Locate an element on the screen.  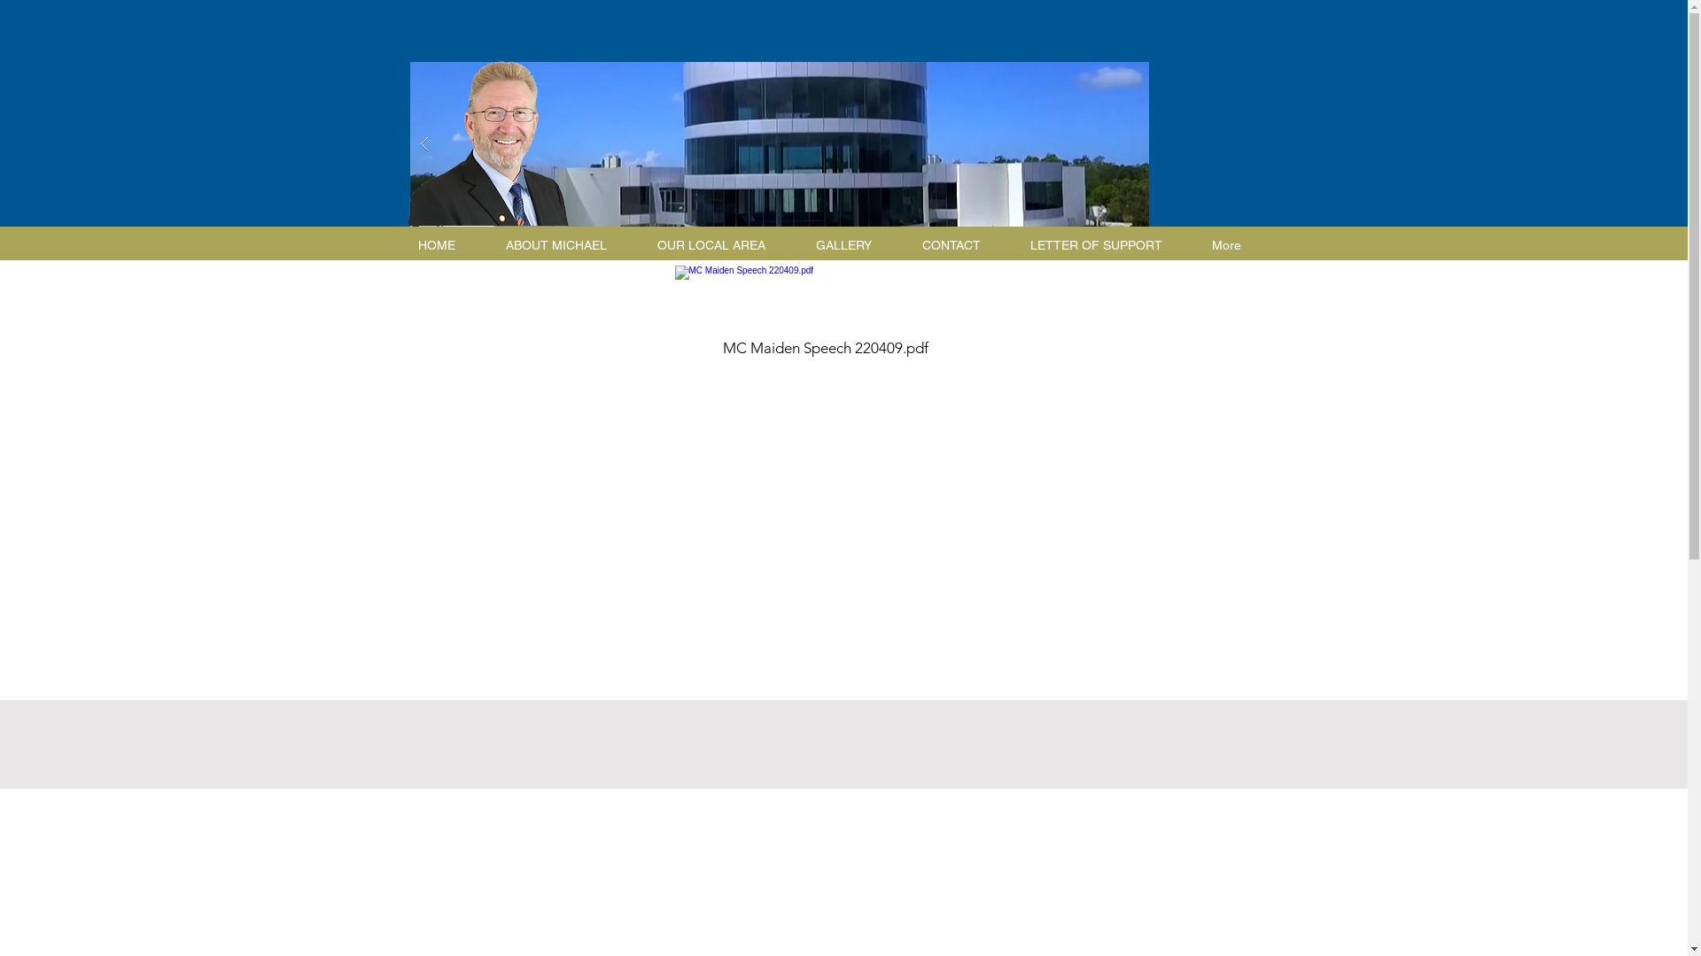
'ABOUT MICHAEL' is located at coordinates (563, 245).